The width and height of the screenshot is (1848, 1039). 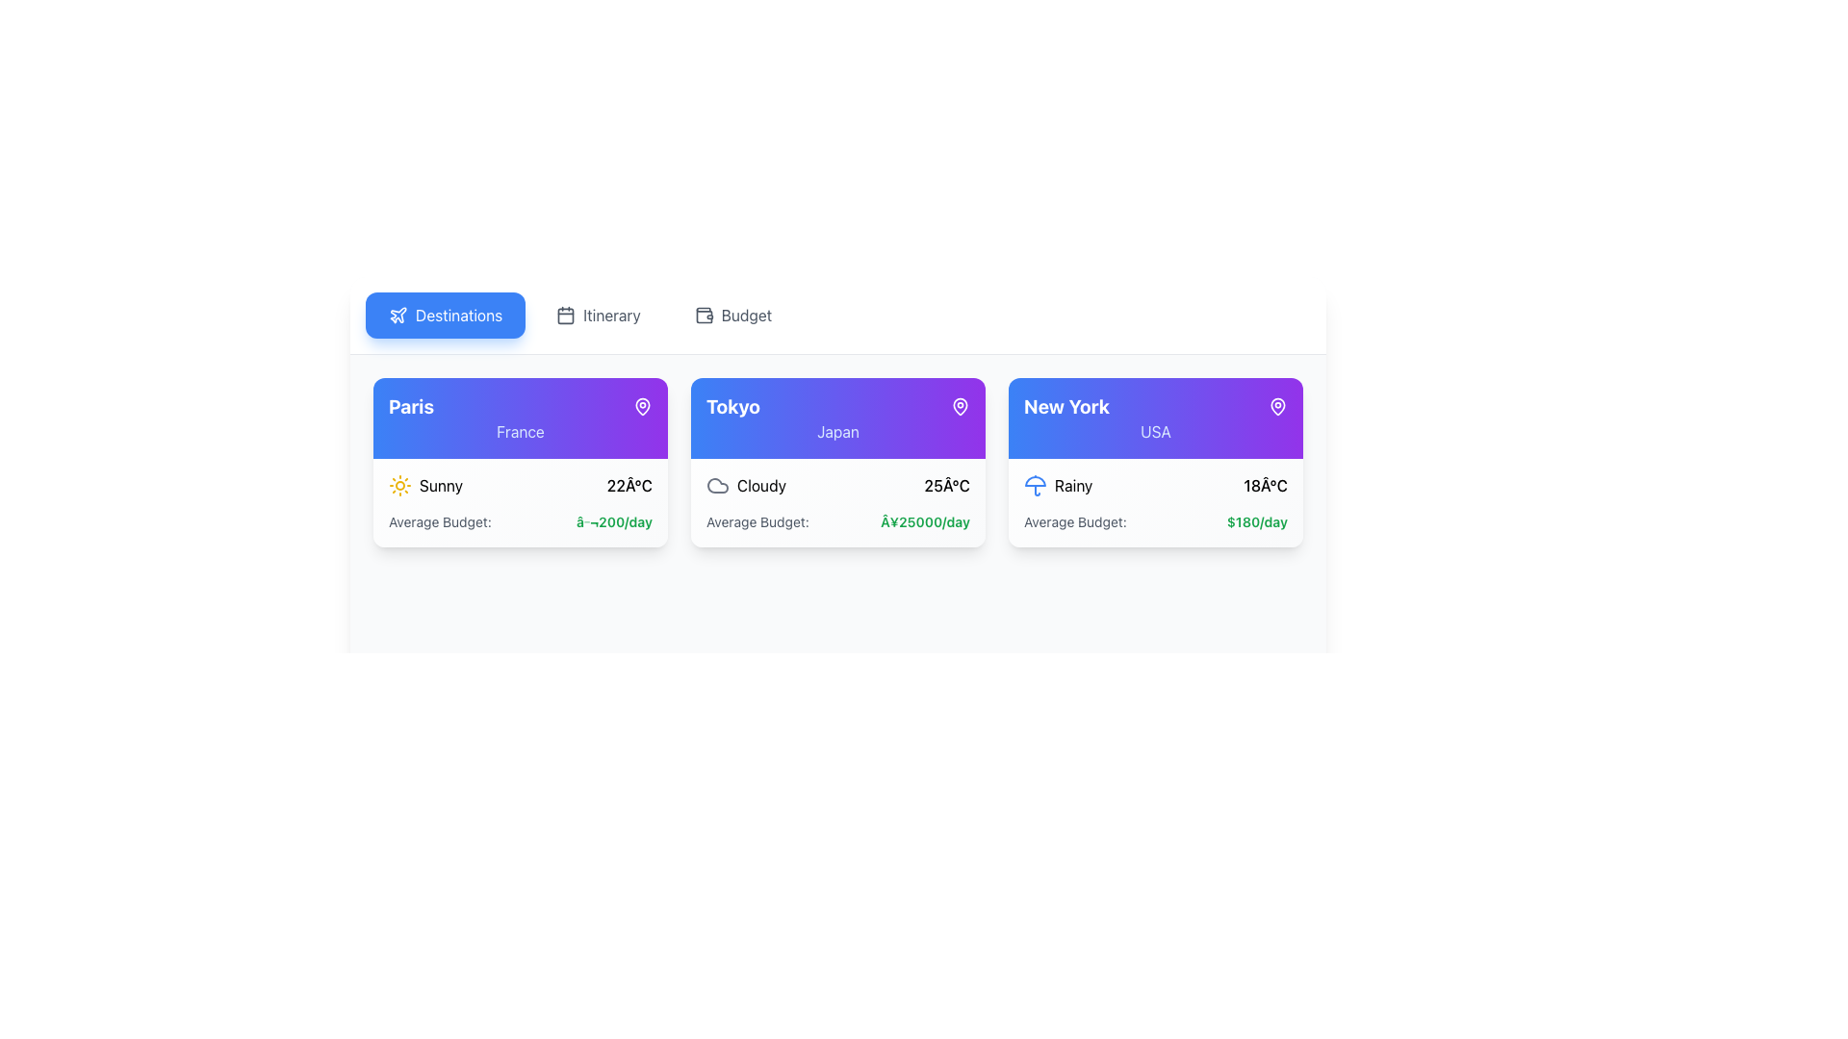 I want to click on the map pin icon, which is a white, hollow SVG graphic located in the top-right corner of the 'New York' card, next to the title 'New York', so click(x=1278, y=406).